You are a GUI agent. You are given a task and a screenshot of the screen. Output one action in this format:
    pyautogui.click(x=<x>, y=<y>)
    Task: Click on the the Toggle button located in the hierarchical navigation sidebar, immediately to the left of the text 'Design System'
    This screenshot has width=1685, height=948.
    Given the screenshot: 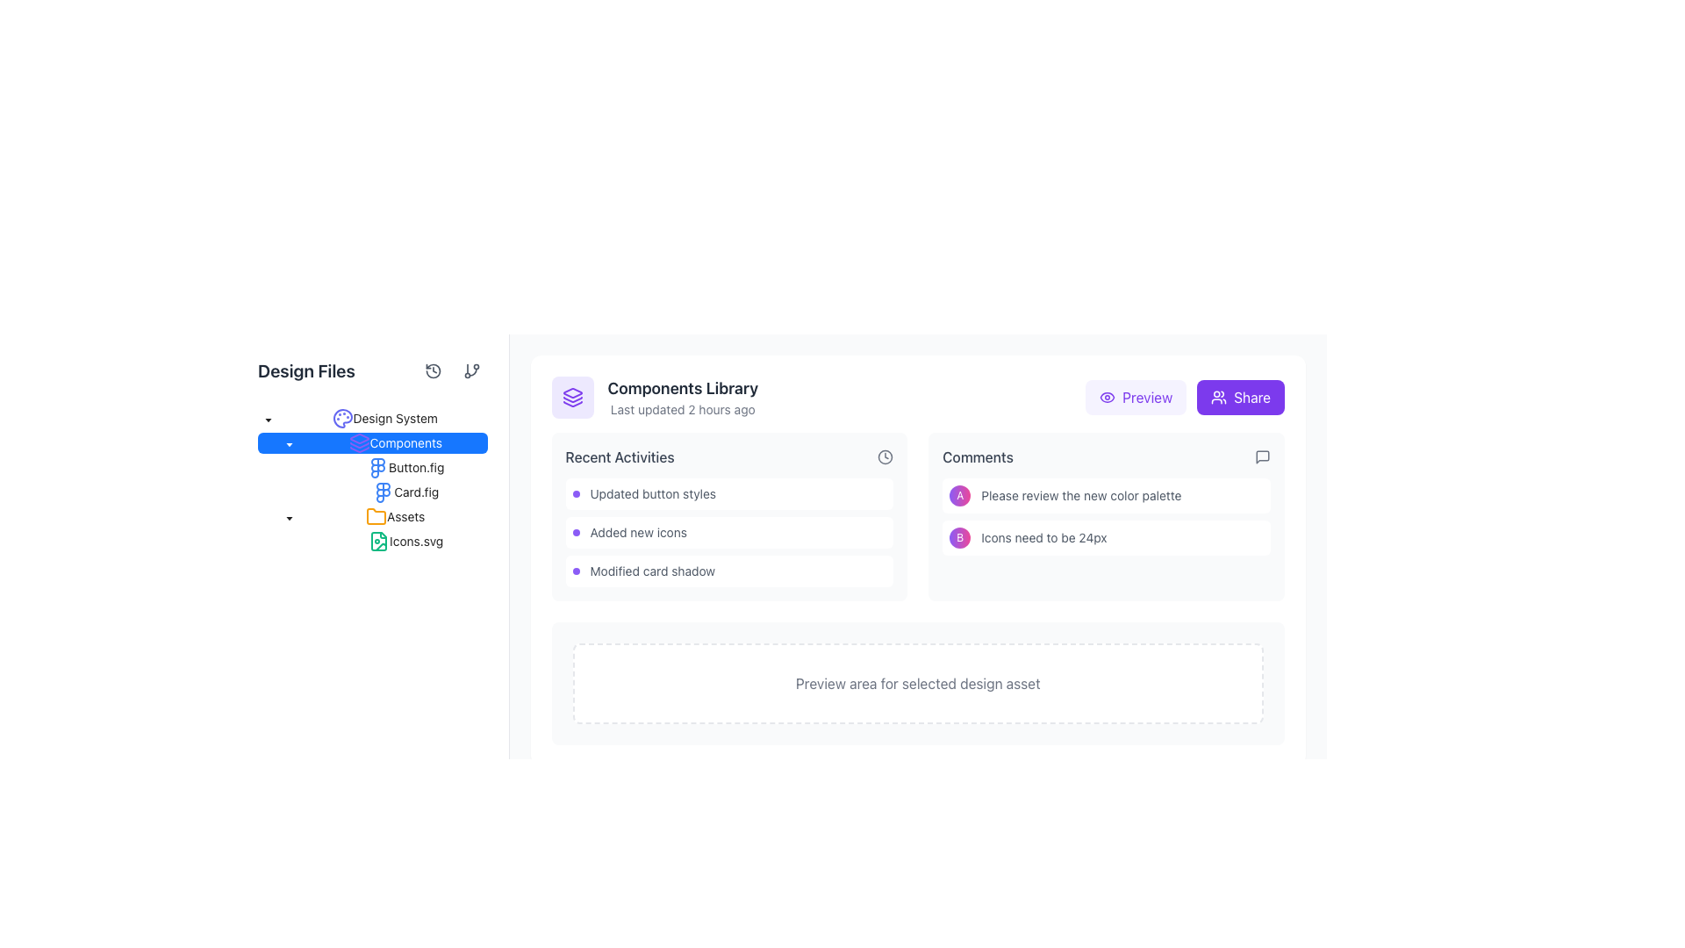 What is the action you would take?
    pyautogui.click(x=268, y=419)
    